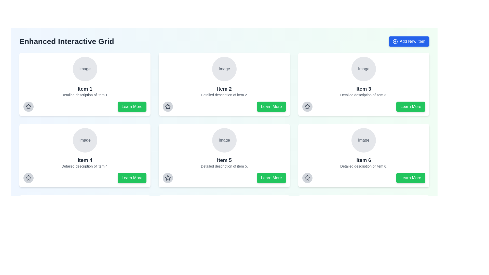  Describe the element at coordinates (28, 177) in the screenshot. I see `the star icon located in the bottom-left corner of the card for 'Item 4' to mark or unmark it as a favorite` at that location.